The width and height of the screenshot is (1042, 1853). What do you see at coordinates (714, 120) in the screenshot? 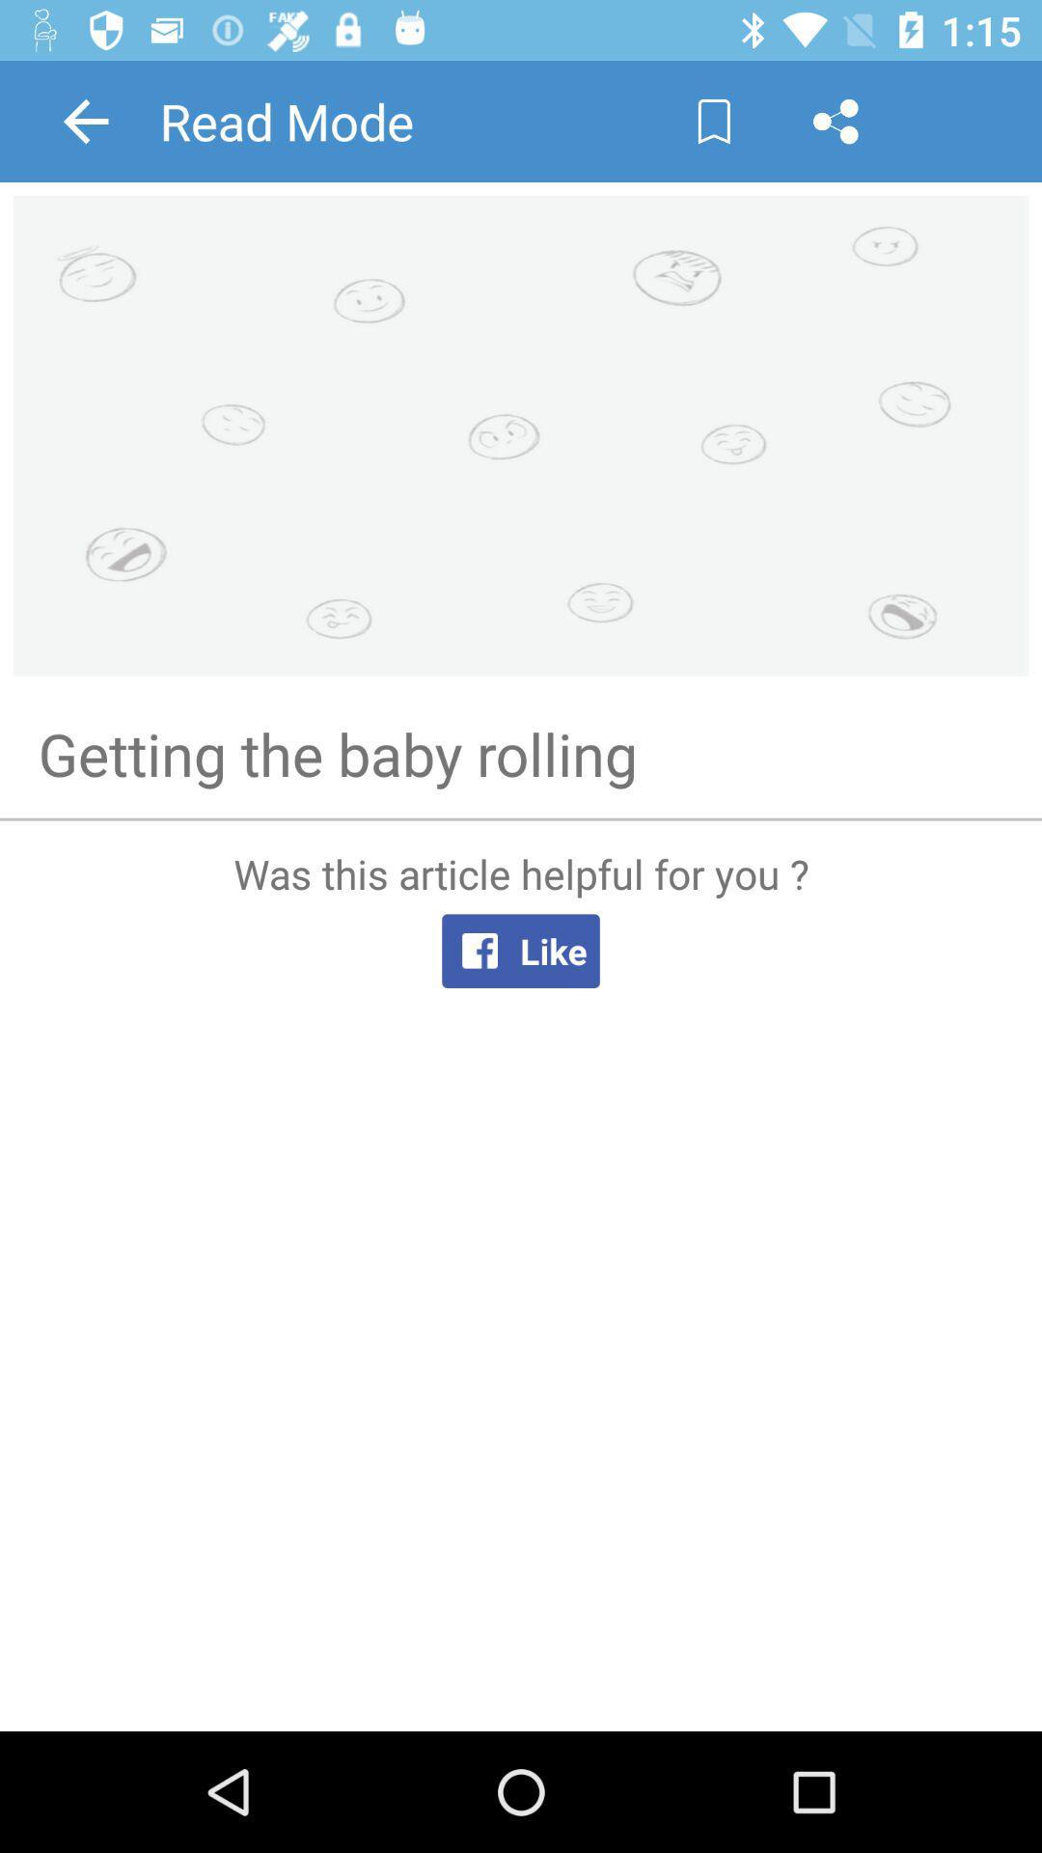
I see `page` at bounding box center [714, 120].